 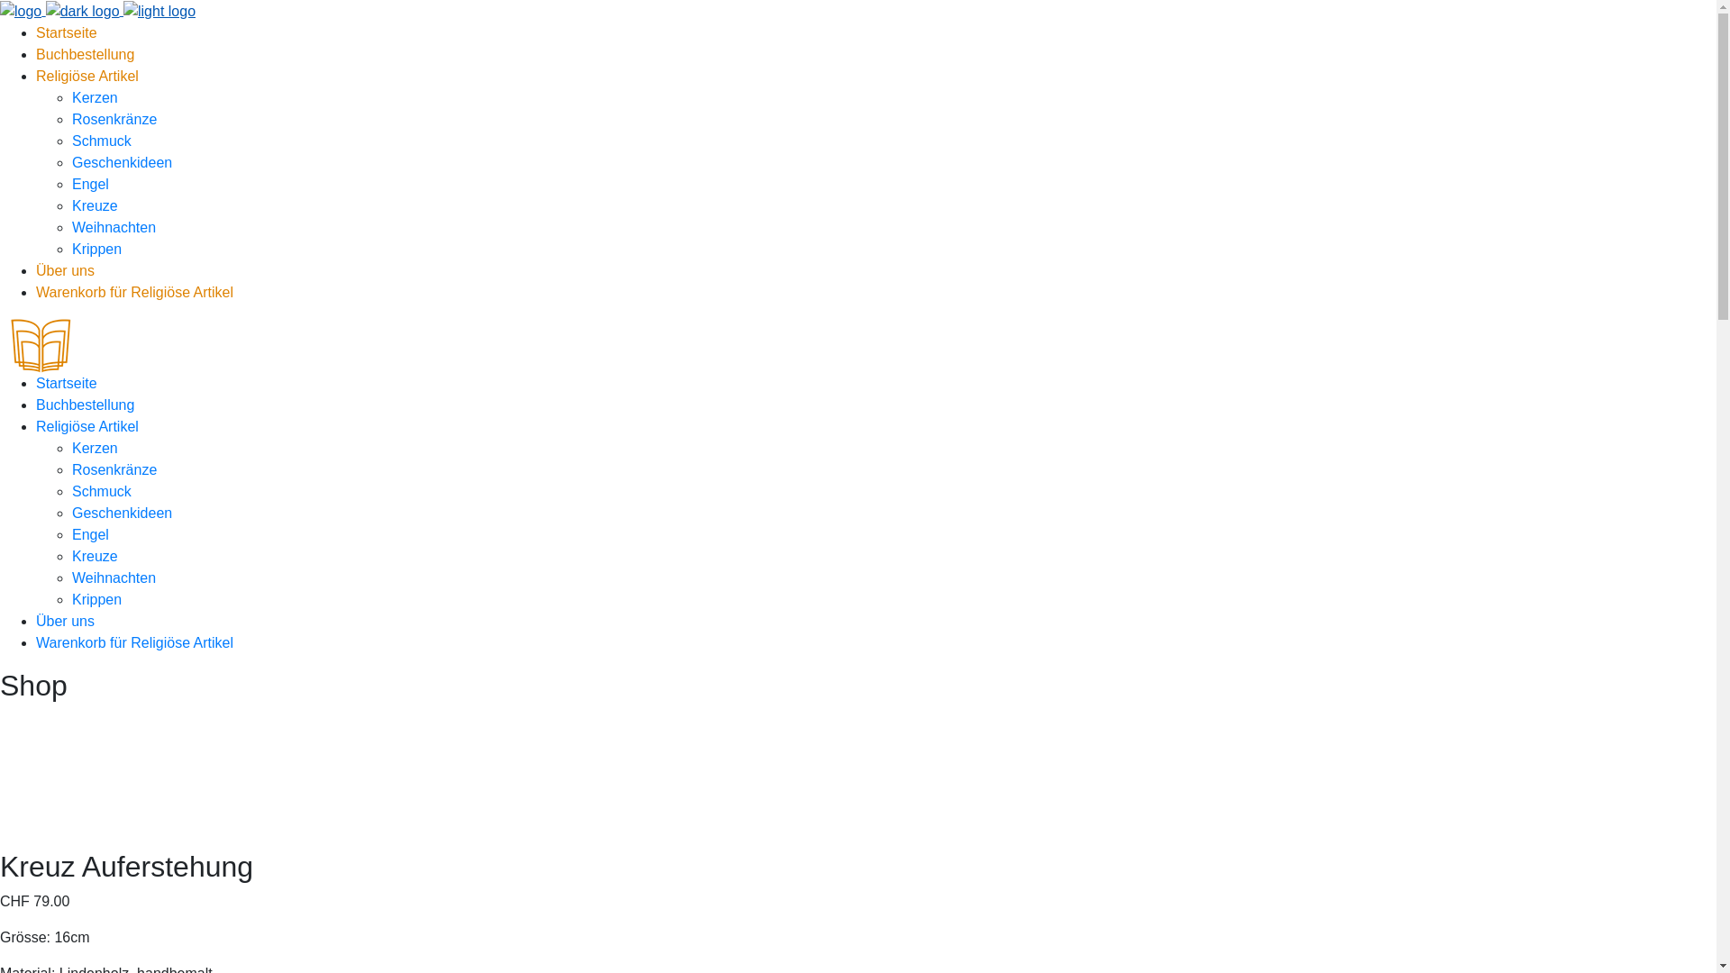 What do you see at coordinates (121, 513) in the screenshot?
I see `'Geschenkideen'` at bounding box center [121, 513].